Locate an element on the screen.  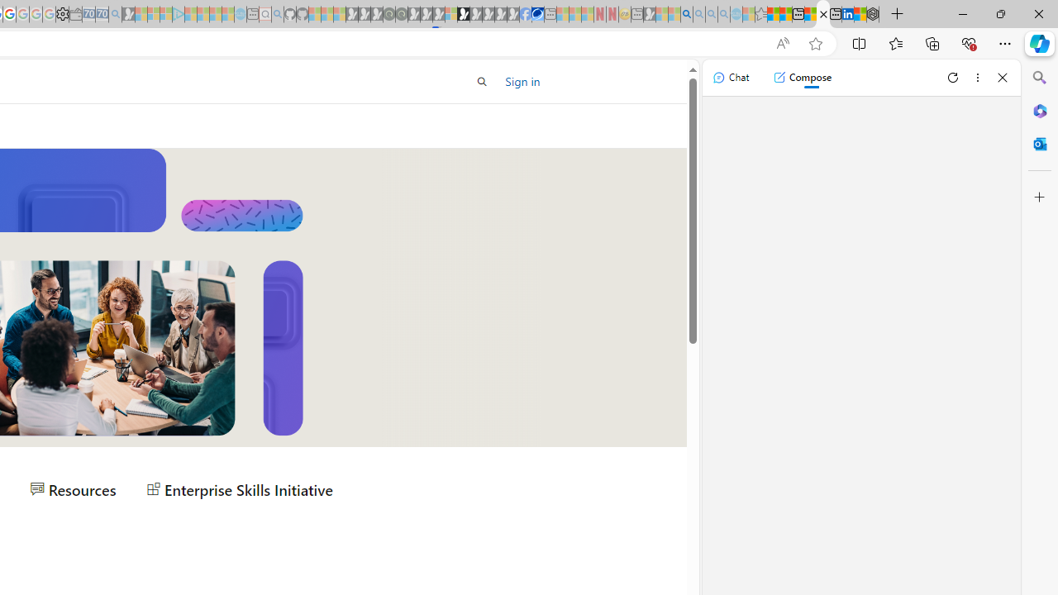
'Future Focus Report 2024 - Sleeping' is located at coordinates (401, 14).